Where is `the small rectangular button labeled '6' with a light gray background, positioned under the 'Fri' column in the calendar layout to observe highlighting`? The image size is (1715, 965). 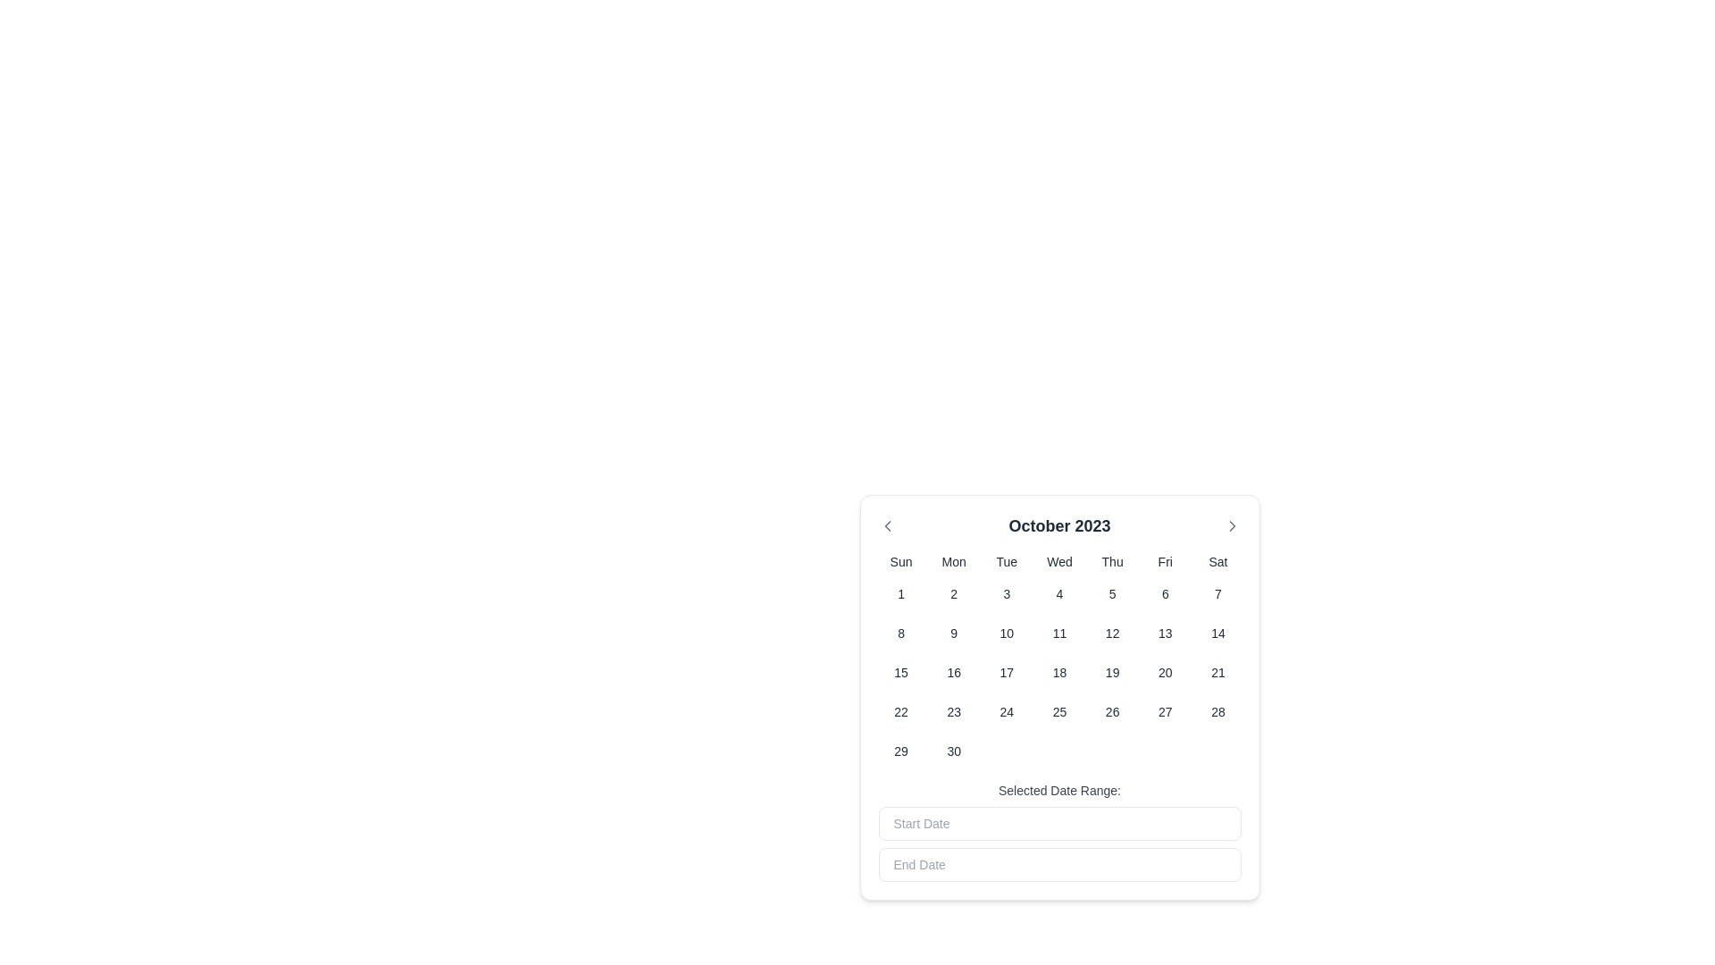
the small rectangular button labeled '6' with a light gray background, positioned under the 'Fri' column in the calendar layout to observe highlighting is located at coordinates (1165, 593).